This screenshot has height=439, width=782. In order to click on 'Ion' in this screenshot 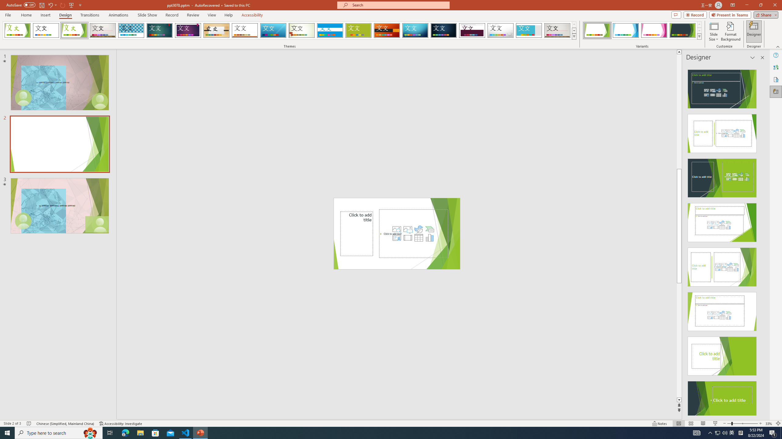, I will do `click(159, 30)`.